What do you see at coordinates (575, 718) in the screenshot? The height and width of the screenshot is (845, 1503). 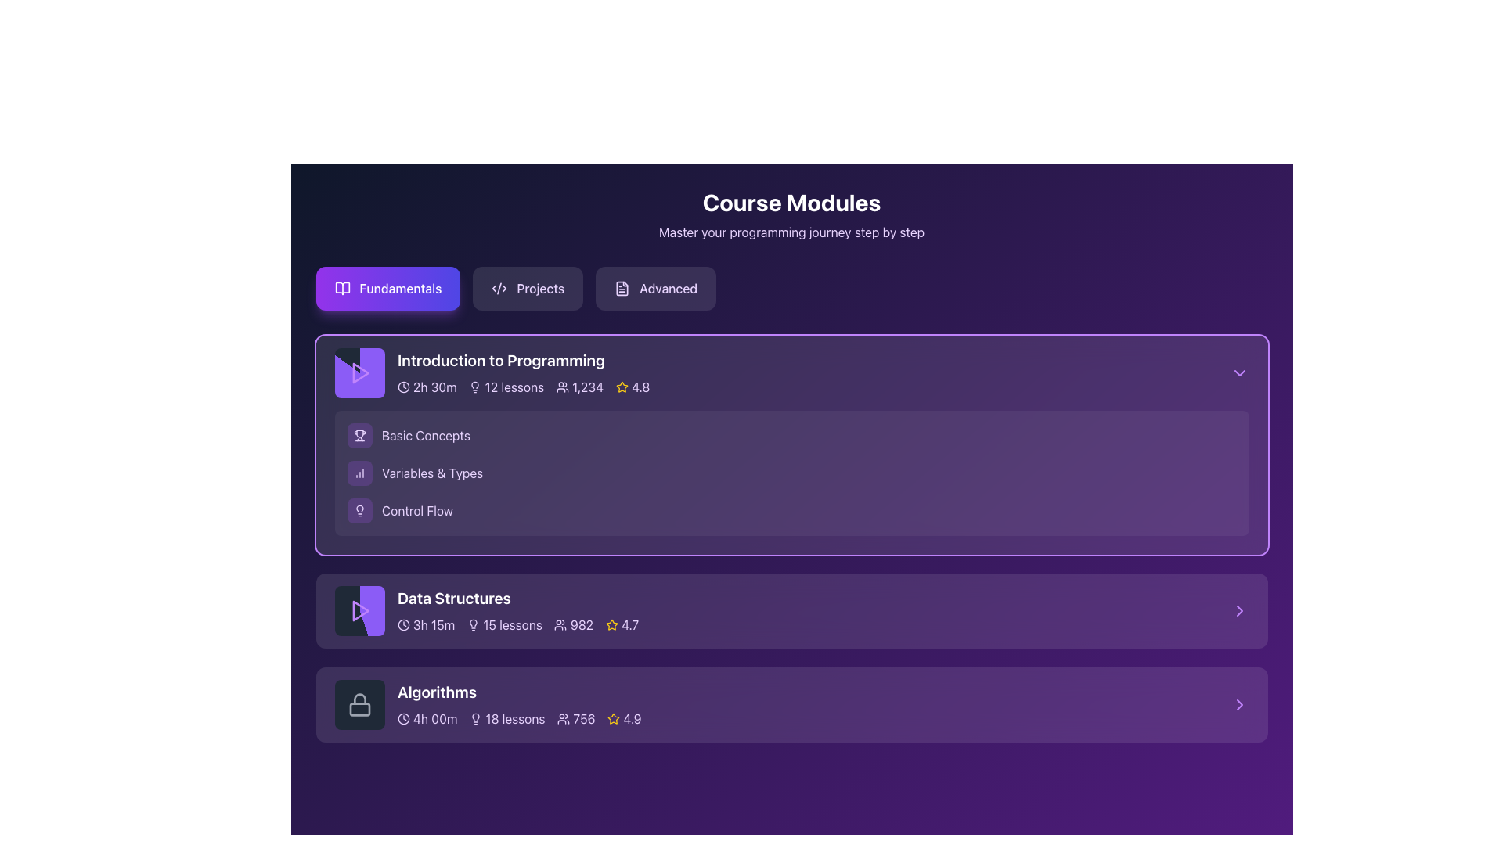 I see `the informational label displaying a user count of '756' with a user icon in the 'Algorithms' course details section` at bounding box center [575, 718].